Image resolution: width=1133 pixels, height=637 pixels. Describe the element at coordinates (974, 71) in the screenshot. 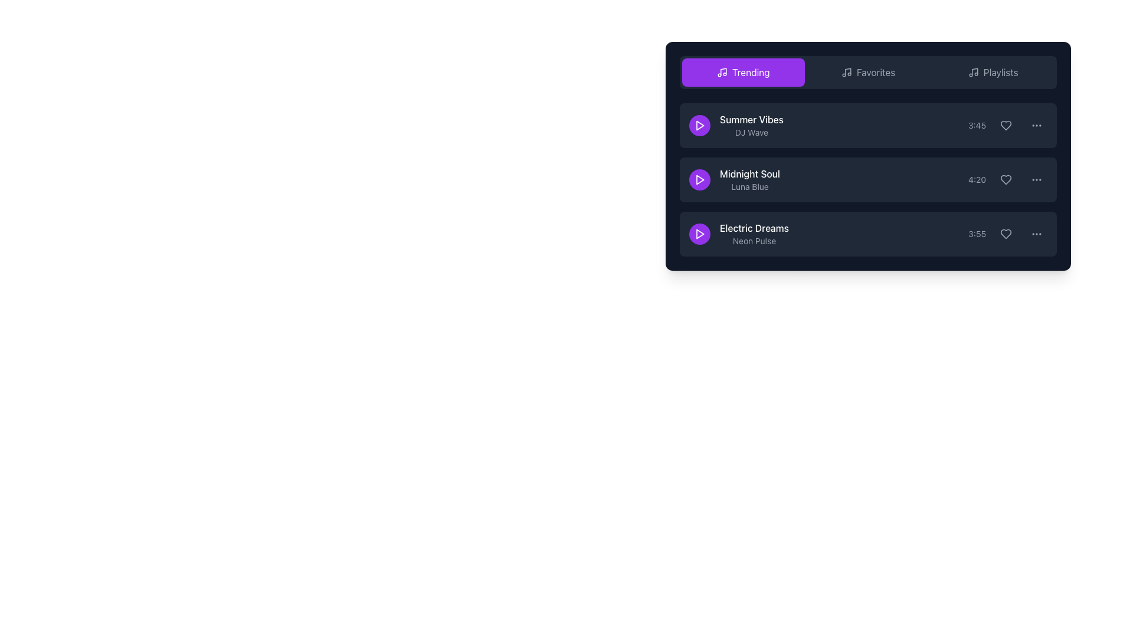

I see `the diagonal line of the musical note icon in the 'Playlists' tab label, which serves as a decorative element adjacent to the 'Trending' and 'Favorites' tabs` at that location.